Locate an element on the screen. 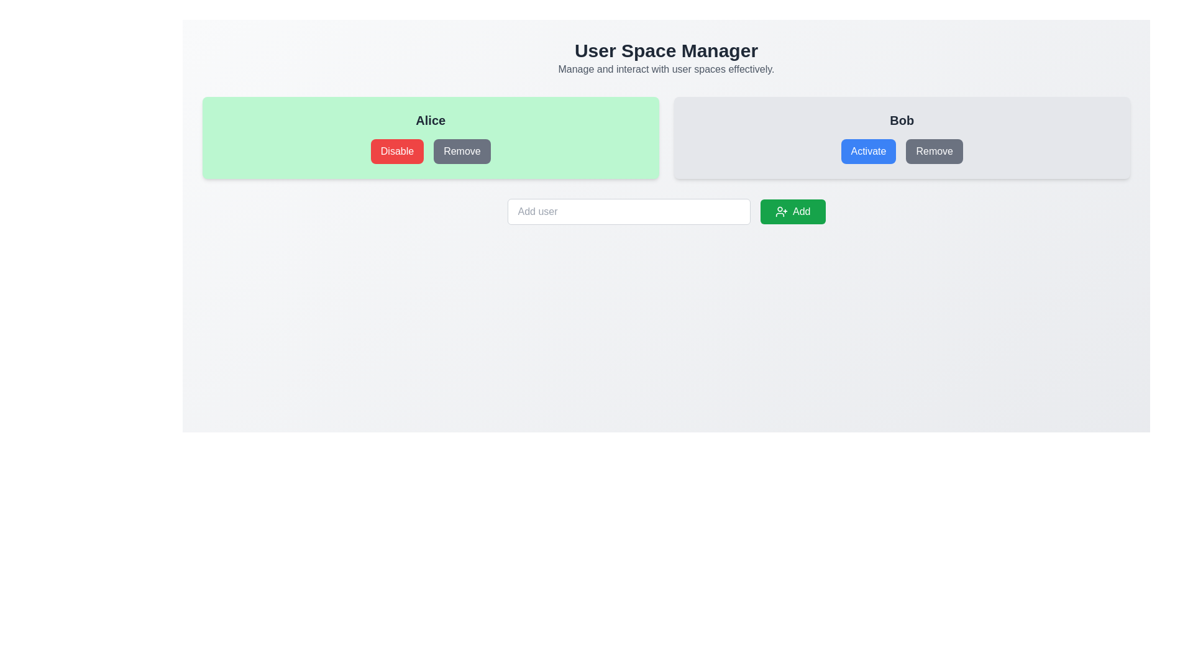  the 'Add User' button to activate its visual feedback is located at coordinates (792, 211).